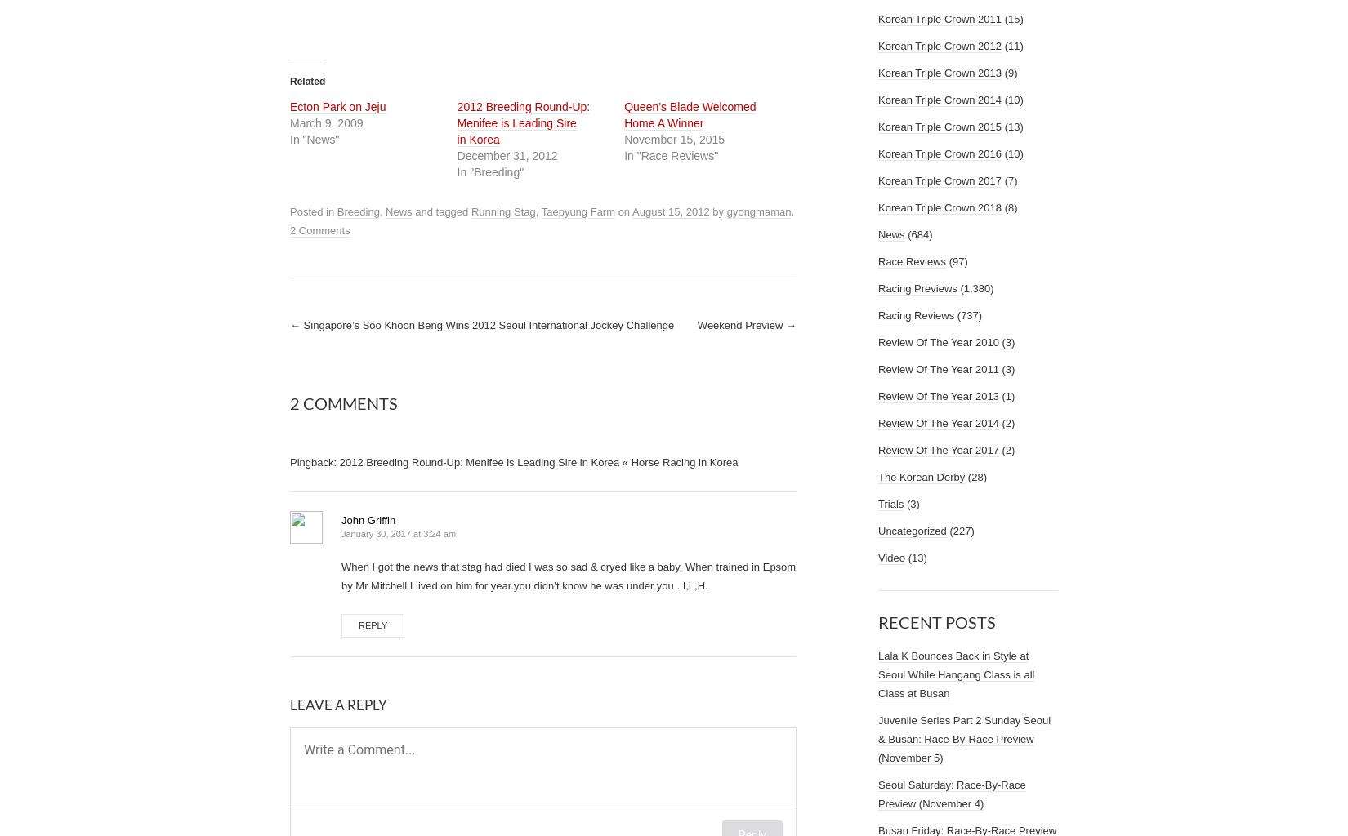 The width and height of the screenshot is (1348, 836). I want to click on 'Racing Previews', so click(917, 288).